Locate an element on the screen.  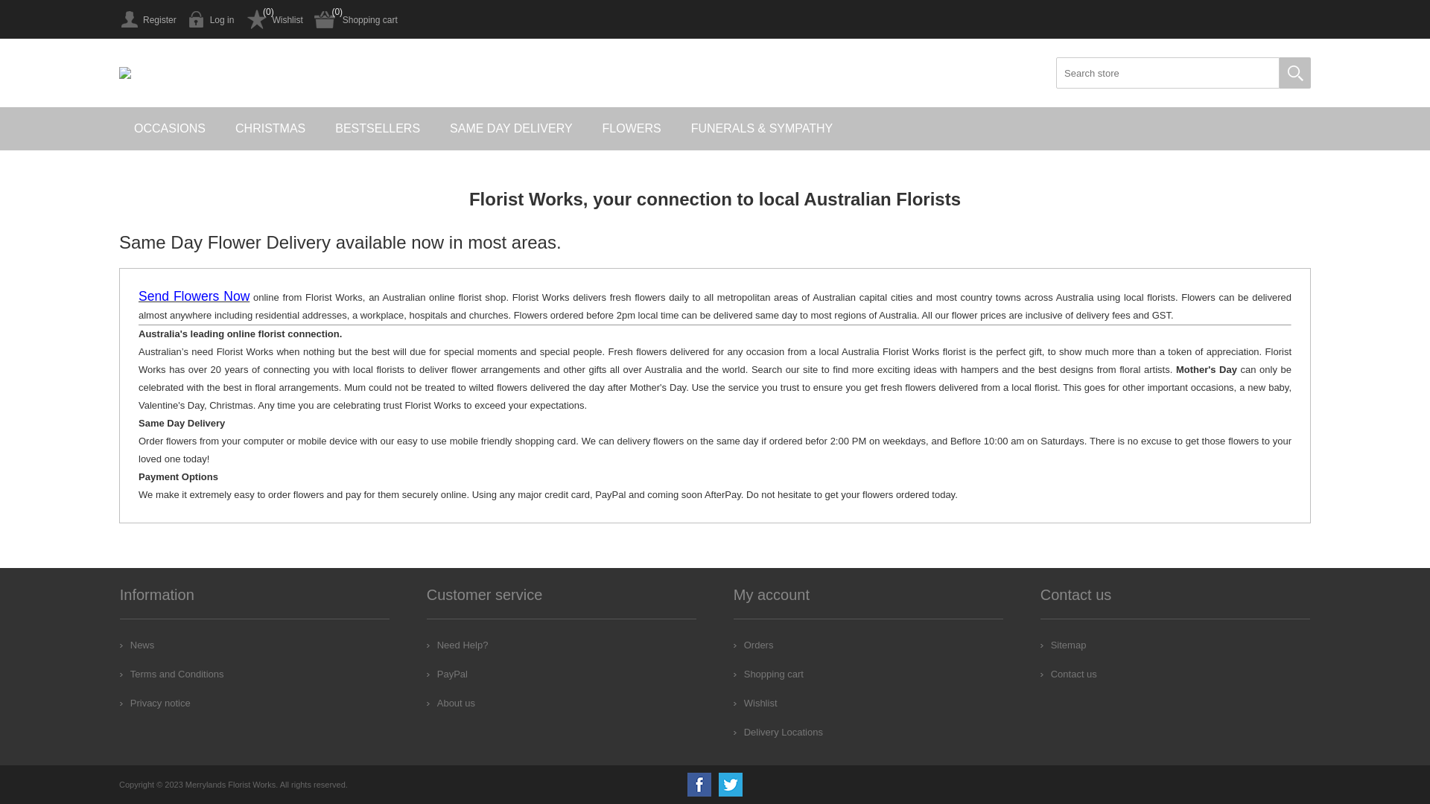
'FLOWERS' is located at coordinates (632, 128).